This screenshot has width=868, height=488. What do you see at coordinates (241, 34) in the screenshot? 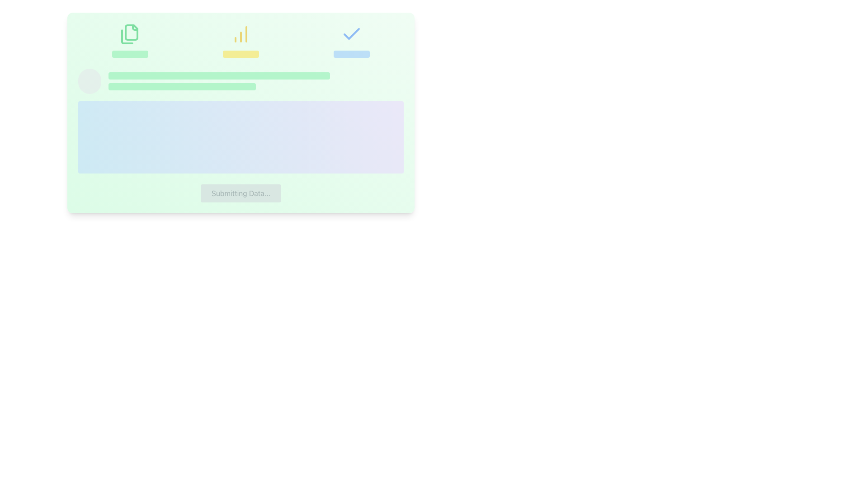
I see `the yellow chart icon, which consists of three ascending vertical bars, located in the center of the interface` at bounding box center [241, 34].